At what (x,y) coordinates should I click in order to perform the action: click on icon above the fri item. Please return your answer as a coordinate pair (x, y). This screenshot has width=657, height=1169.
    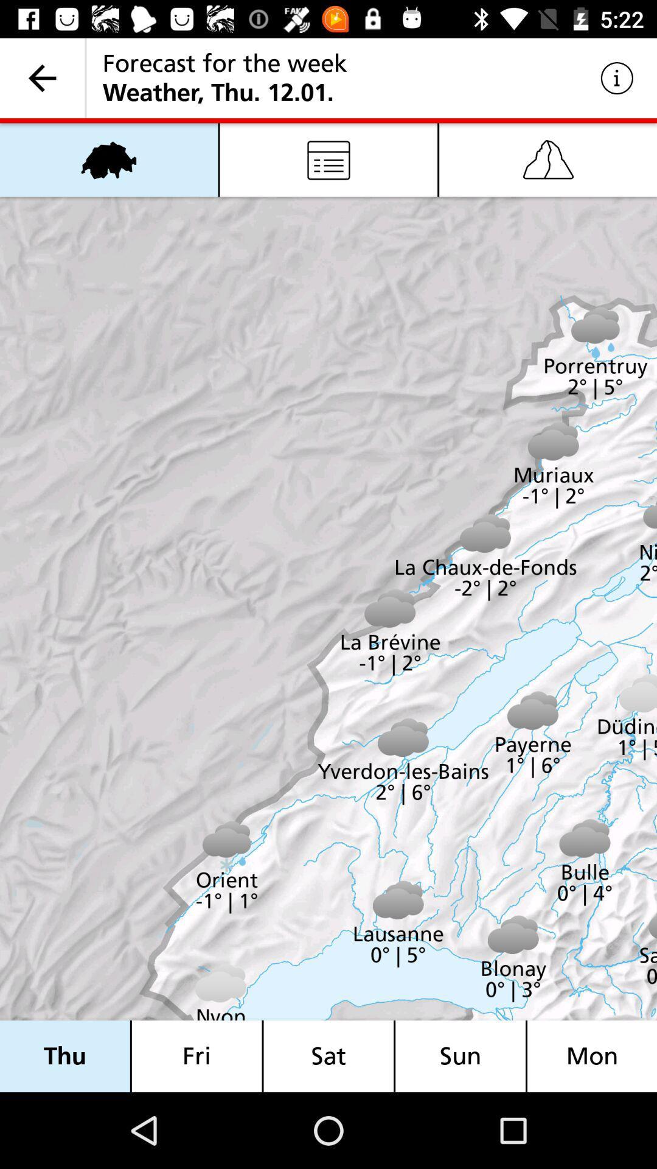
    Looking at the image, I should click on (328, 159).